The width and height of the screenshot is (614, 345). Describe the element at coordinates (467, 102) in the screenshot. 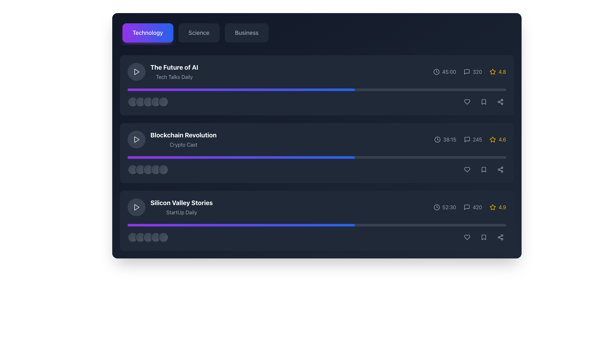

I see `the heart icon button styled with a gray color representing a 'like' functionality` at that location.